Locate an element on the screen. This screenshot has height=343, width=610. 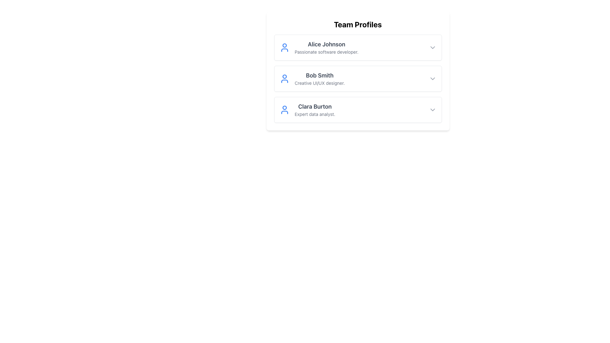
the Profile Card for the first team member, which displays the user's name and role in the 'Team Profiles' section is located at coordinates (319, 47).